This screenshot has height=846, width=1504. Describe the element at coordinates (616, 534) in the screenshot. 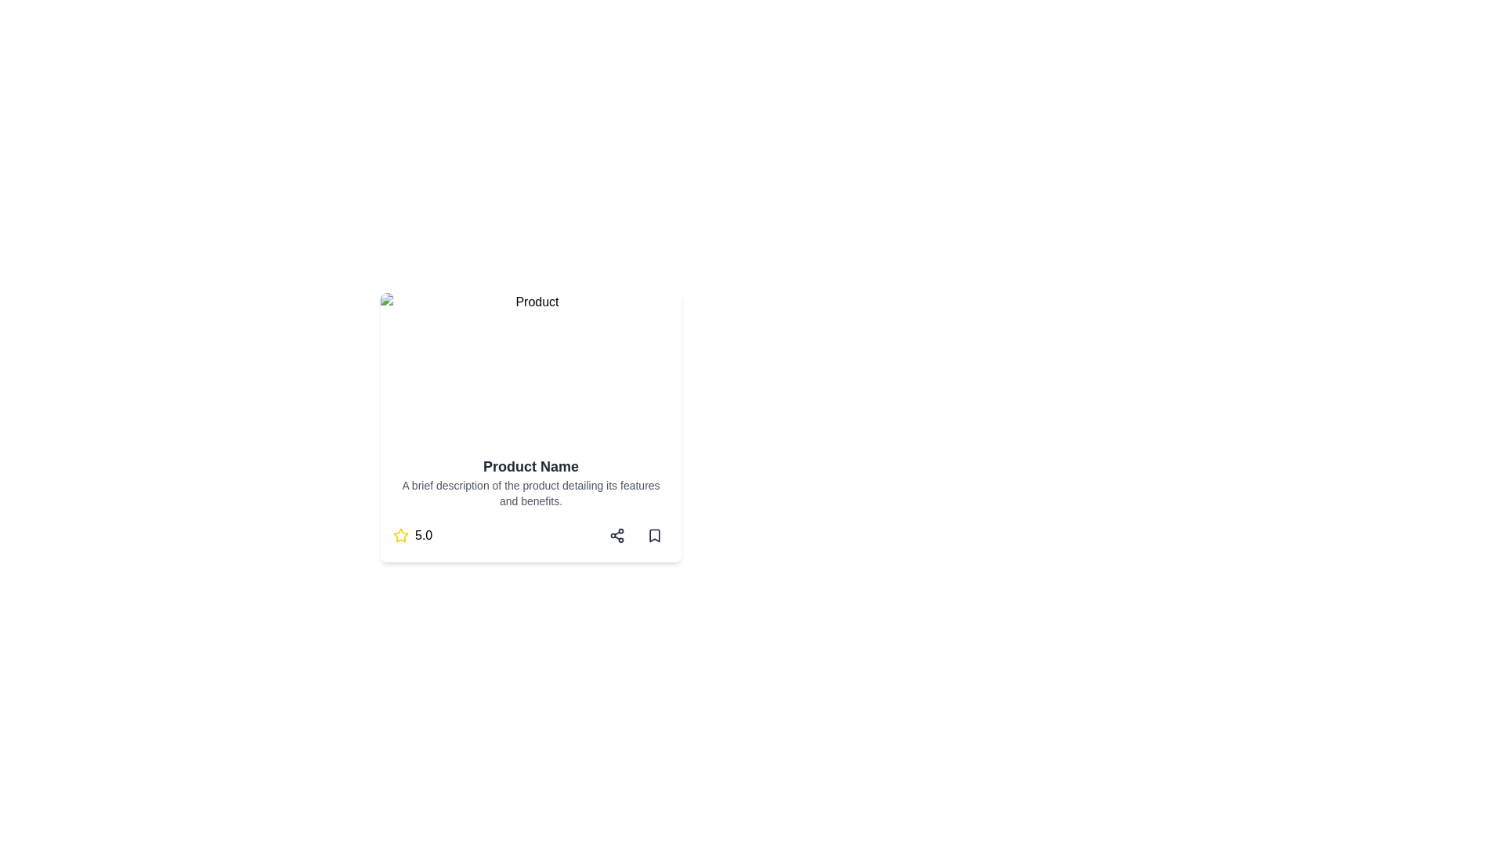

I see `the sharing button located at the bottom right of the product card` at that location.